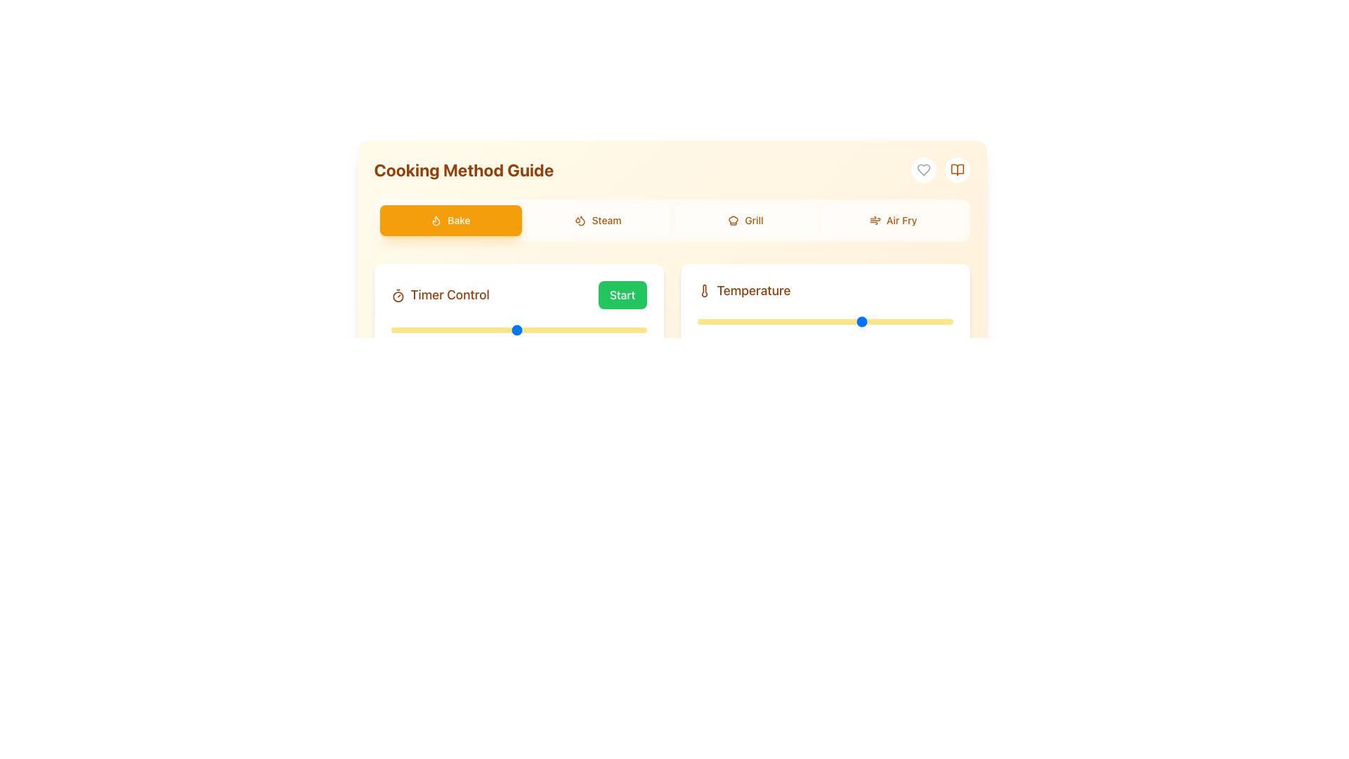 The width and height of the screenshot is (1349, 759). What do you see at coordinates (923, 169) in the screenshot?
I see `the circular button with a gray heart outline` at bounding box center [923, 169].